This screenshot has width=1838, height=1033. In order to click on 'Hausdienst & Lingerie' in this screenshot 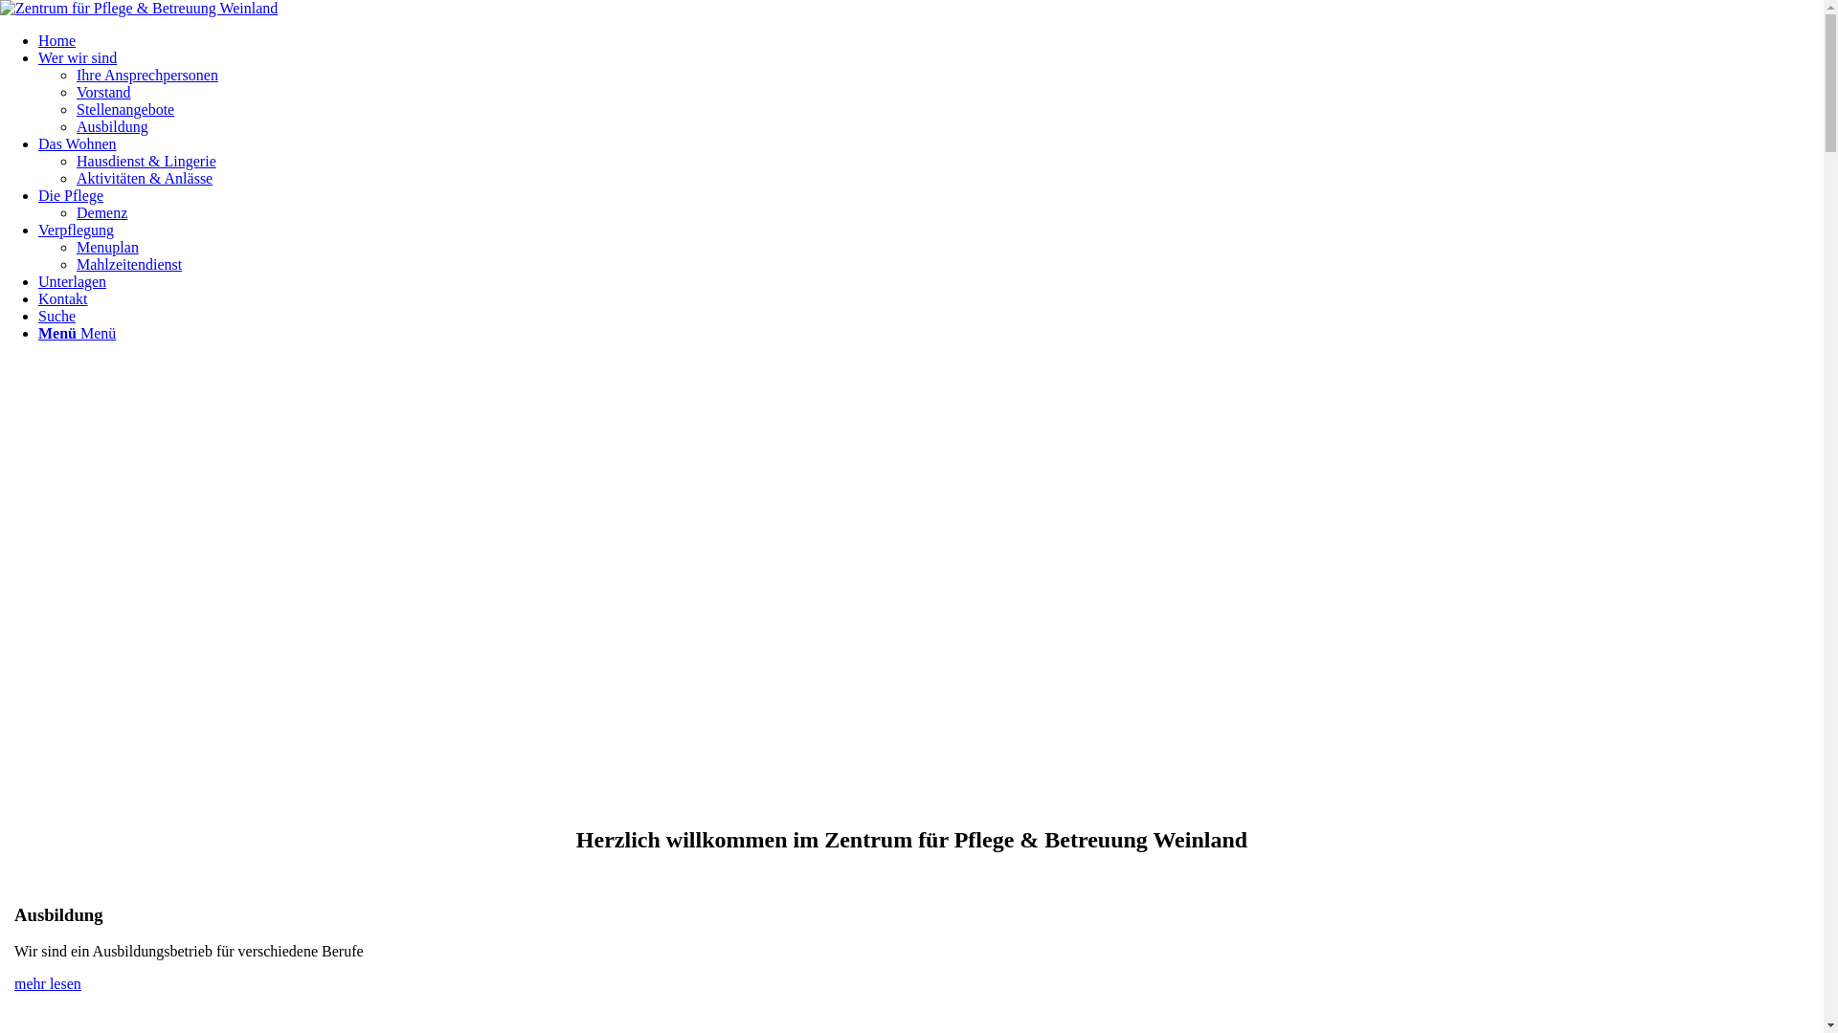, I will do `click(146, 160)`.